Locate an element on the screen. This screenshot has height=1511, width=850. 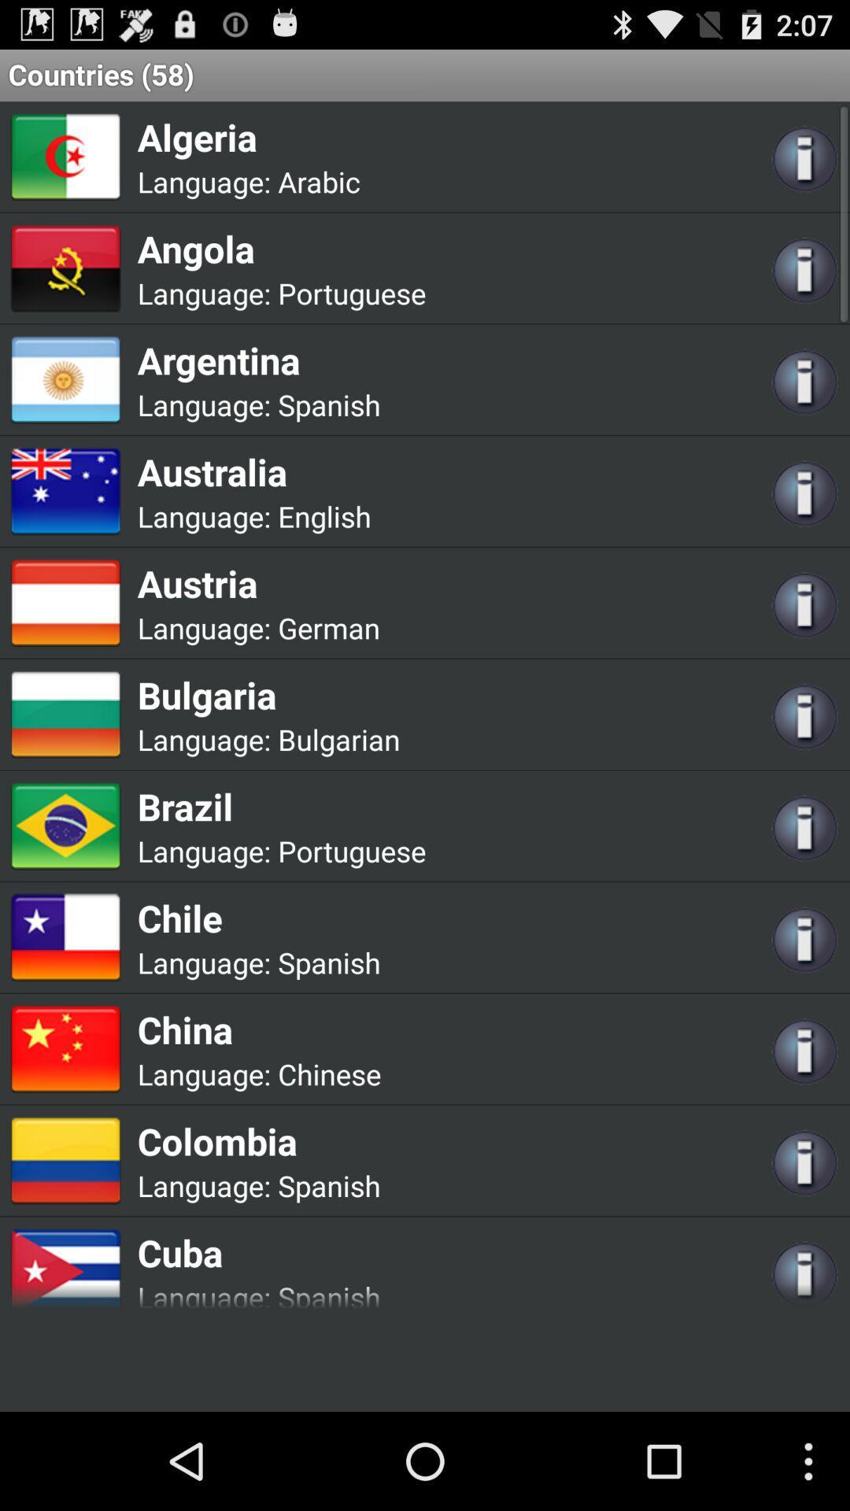
app below the language: is located at coordinates (281, 248).